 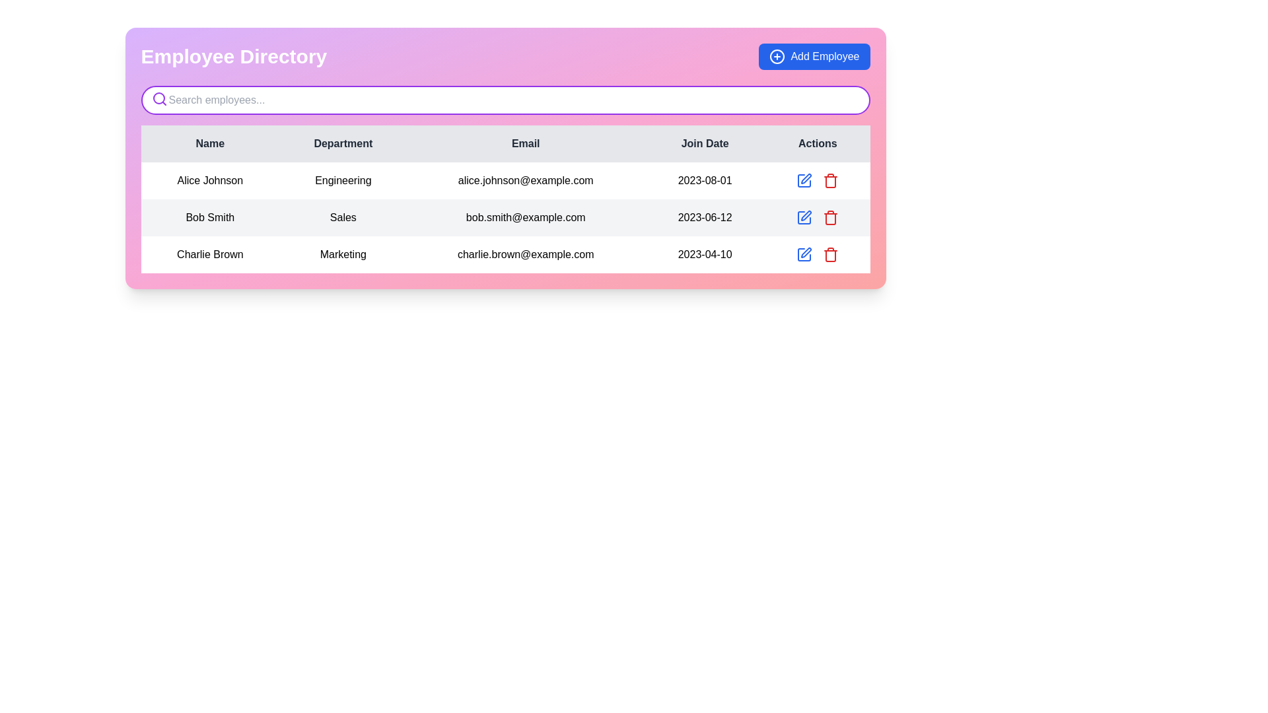 I want to click on the static text element that displays the email address for 'Bob Smith' in the employee directory table, so click(x=525, y=217).